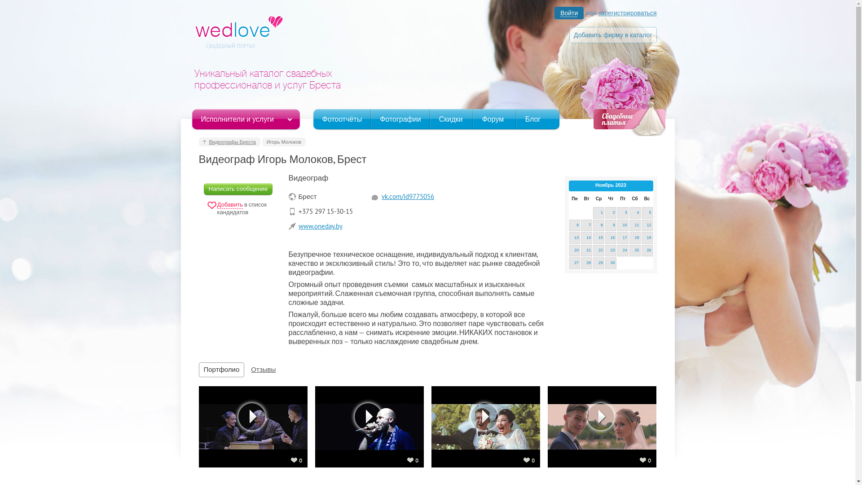  Describe the element at coordinates (598, 251) in the screenshot. I see `'22'` at that location.